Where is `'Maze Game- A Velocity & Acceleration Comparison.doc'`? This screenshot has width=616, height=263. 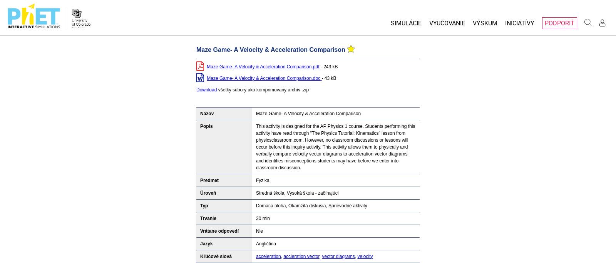 'Maze Game- A Velocity & Acceleration Comparison.doc' is located at coordinates (206, 78).